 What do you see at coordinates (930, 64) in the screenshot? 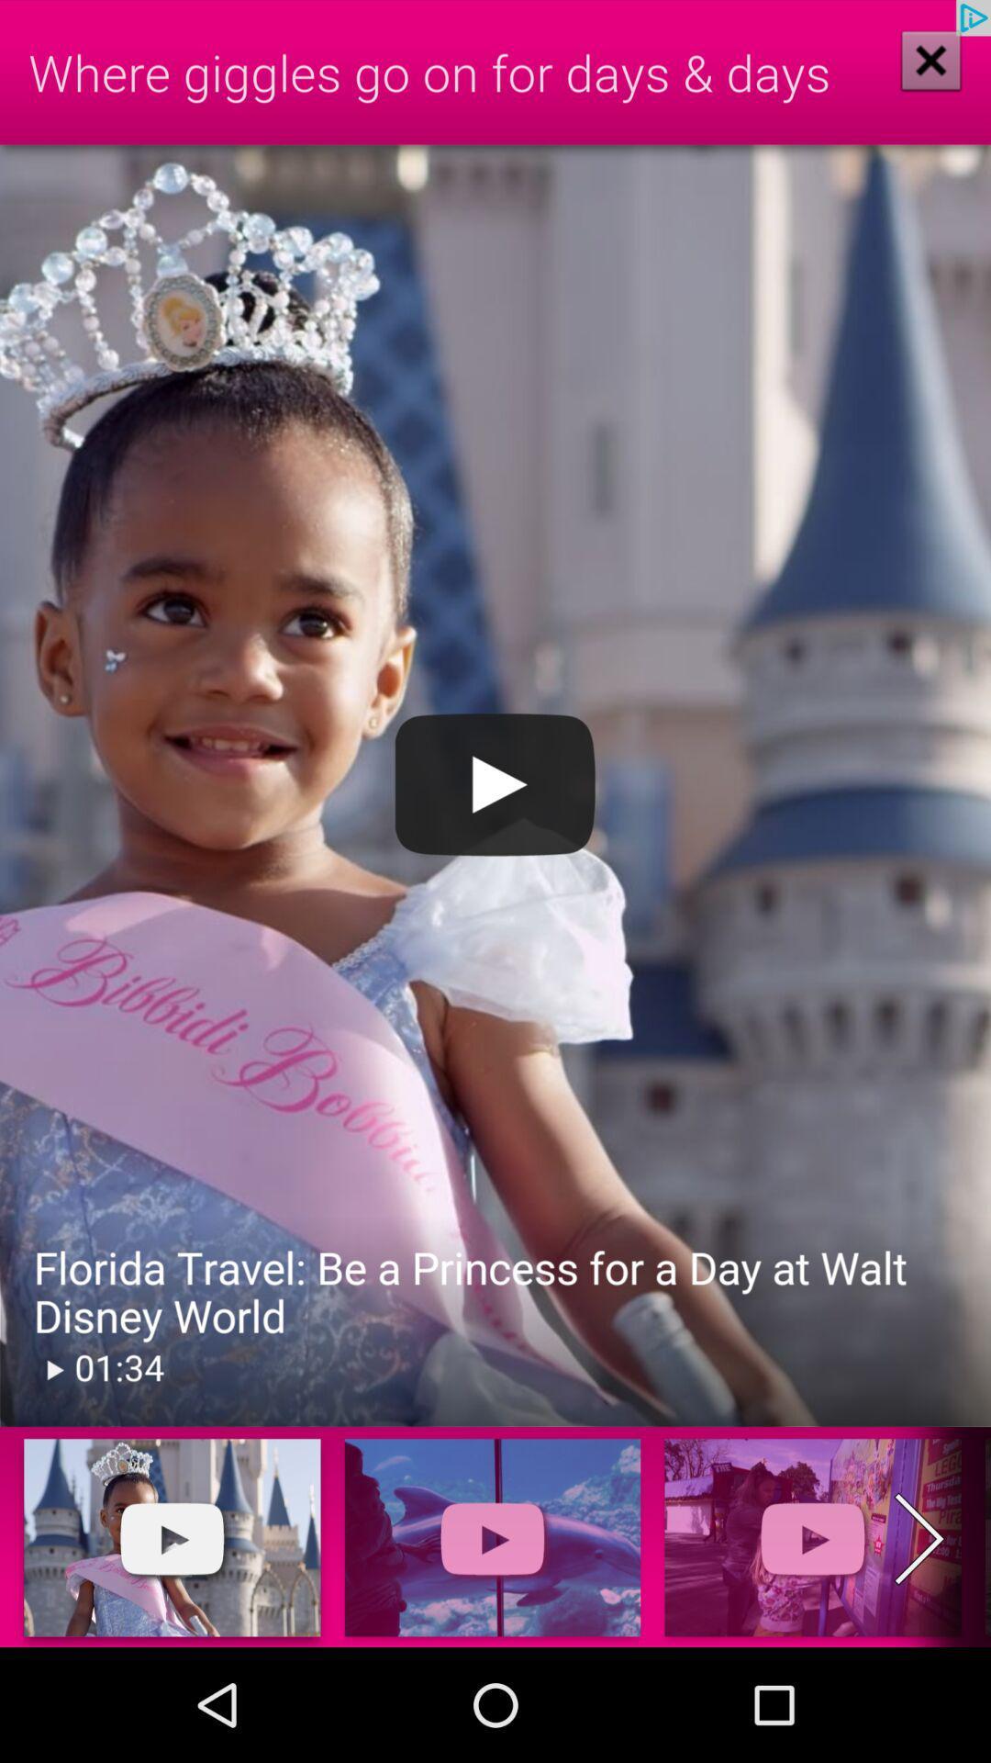
I see `the close icon` at bounding box center [930, 64].